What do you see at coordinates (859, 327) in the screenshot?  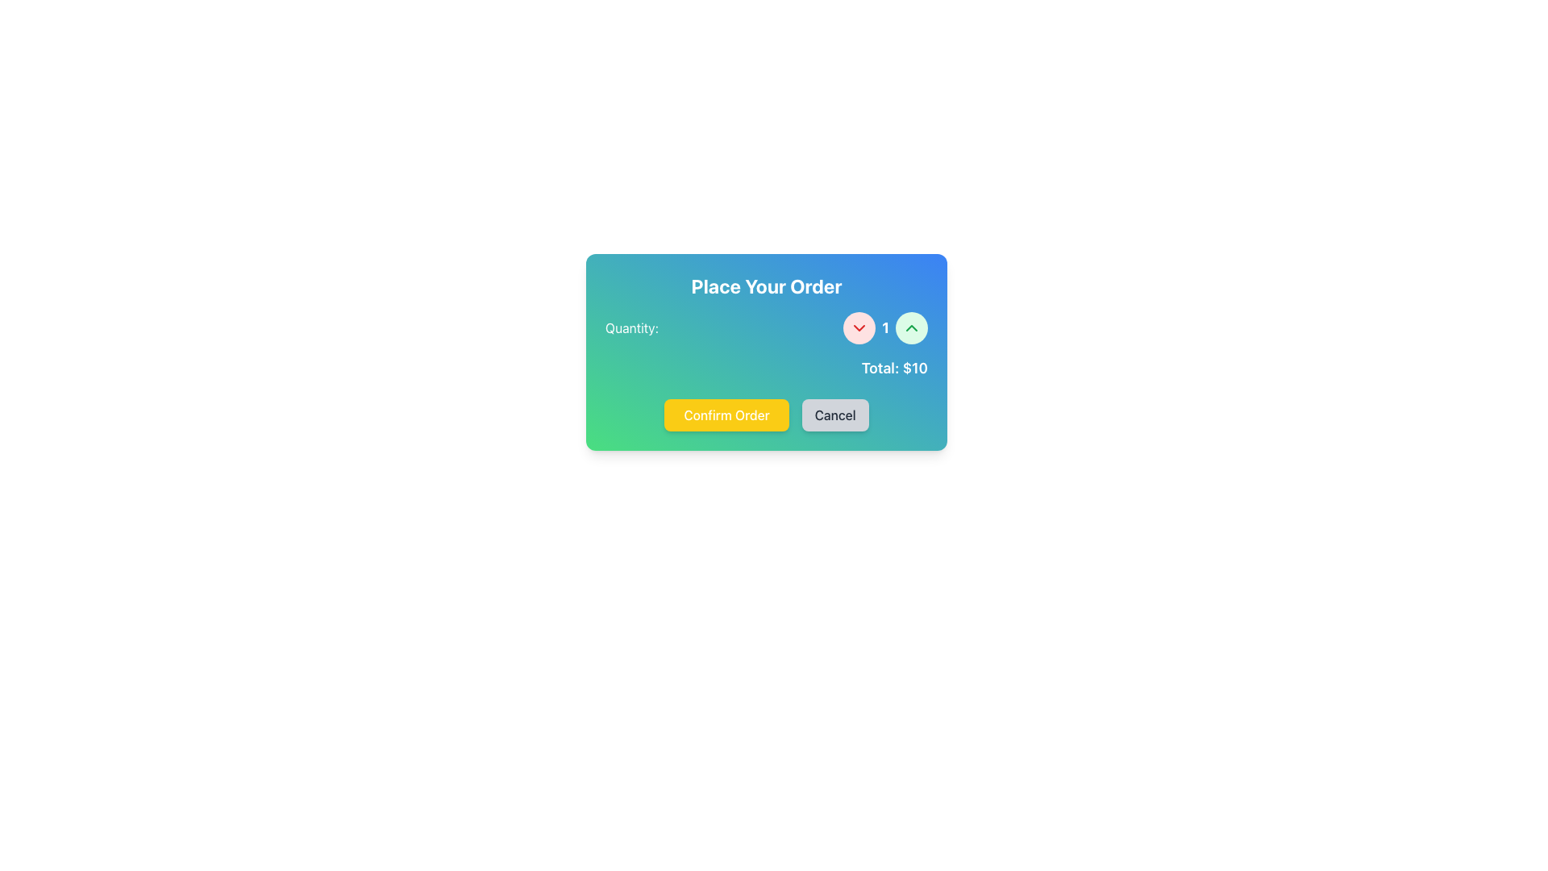 I see `the decrement button located on the left side of the modal window labeled 'Place Your Order', under the 'Quantity' label, which reduces the numerical value displayed next to it when clicked` at bounding box center [859, 327].